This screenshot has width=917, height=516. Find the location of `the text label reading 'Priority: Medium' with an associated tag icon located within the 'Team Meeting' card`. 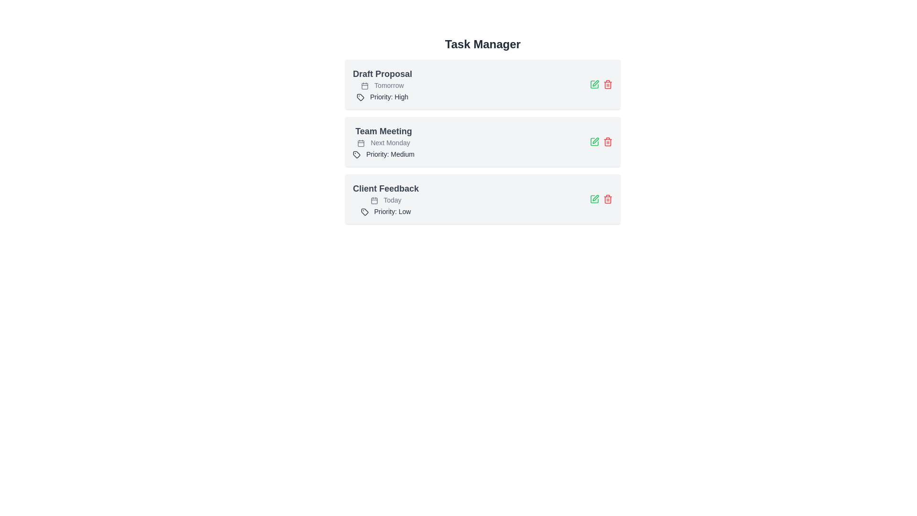

the text label reading 'Priority: Medium' with an associated tag icon located within the 'Team Meeting' card is located at coordinates (384, 154).